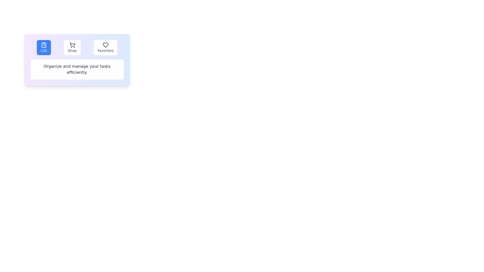  What do you see at coordinates (105, 48) in the screenshot?
I see `the Favorites tab to observe the hover effect` at bounding box center [105, 48].